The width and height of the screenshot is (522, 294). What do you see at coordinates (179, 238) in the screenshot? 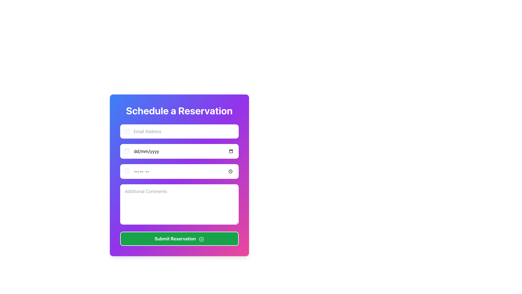
I see `the submission button for the reservation form` at bounding box center [179, 238].